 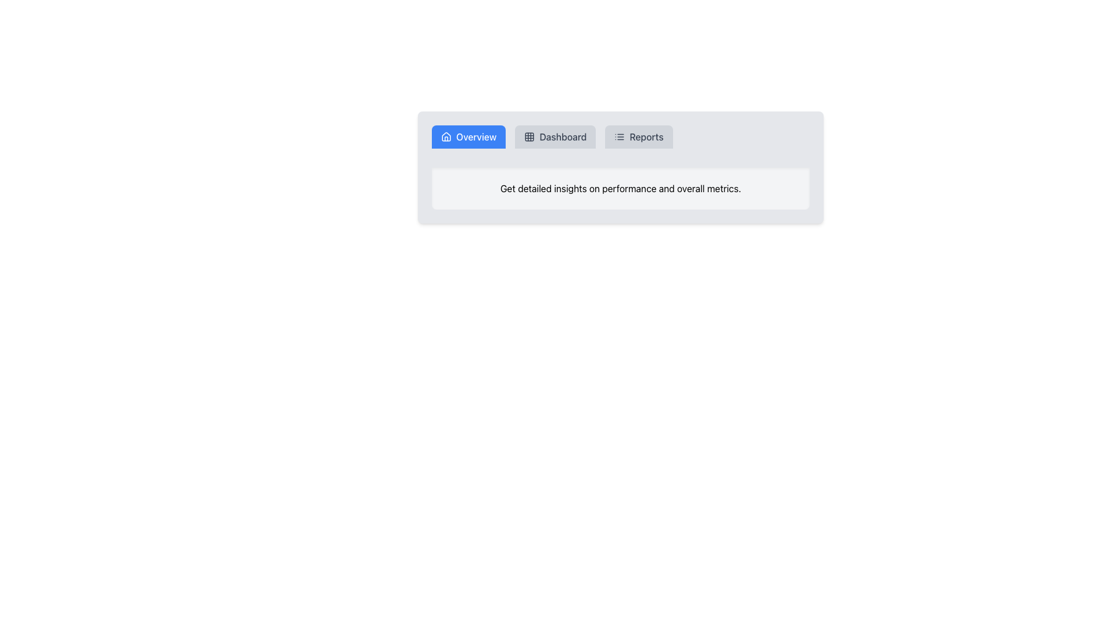 What do you see at coordinates (646, 136) in the screenshot?
I see `the 'Reports' text label in the navigation bar, which is styled with a medium font weight and positioned to the right of 'Dashboard'` at bounding box center [646, 136].